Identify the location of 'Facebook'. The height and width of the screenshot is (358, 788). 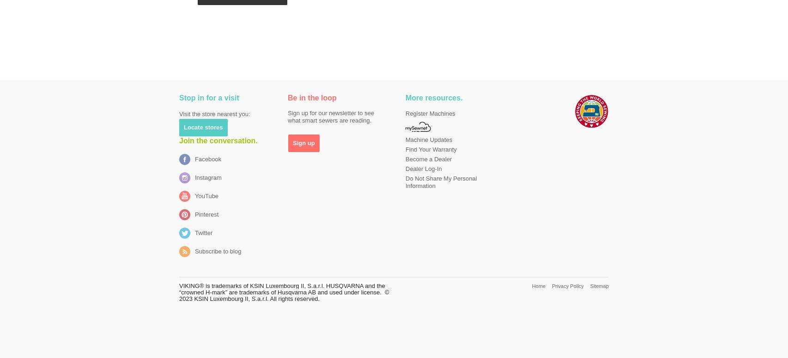
(195, 159).